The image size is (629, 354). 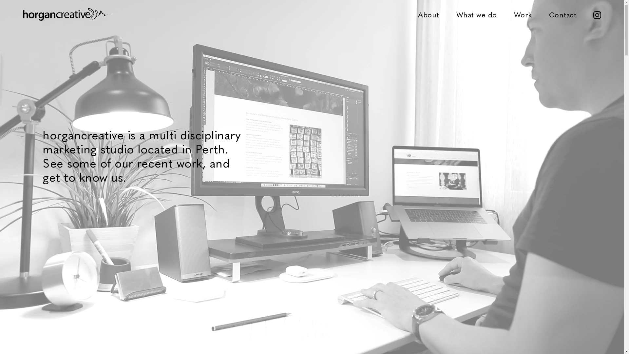 What do you see at coordinates (562, 14) in the screenshot?
I see `'Contact'` at bounding box center [562, 14].